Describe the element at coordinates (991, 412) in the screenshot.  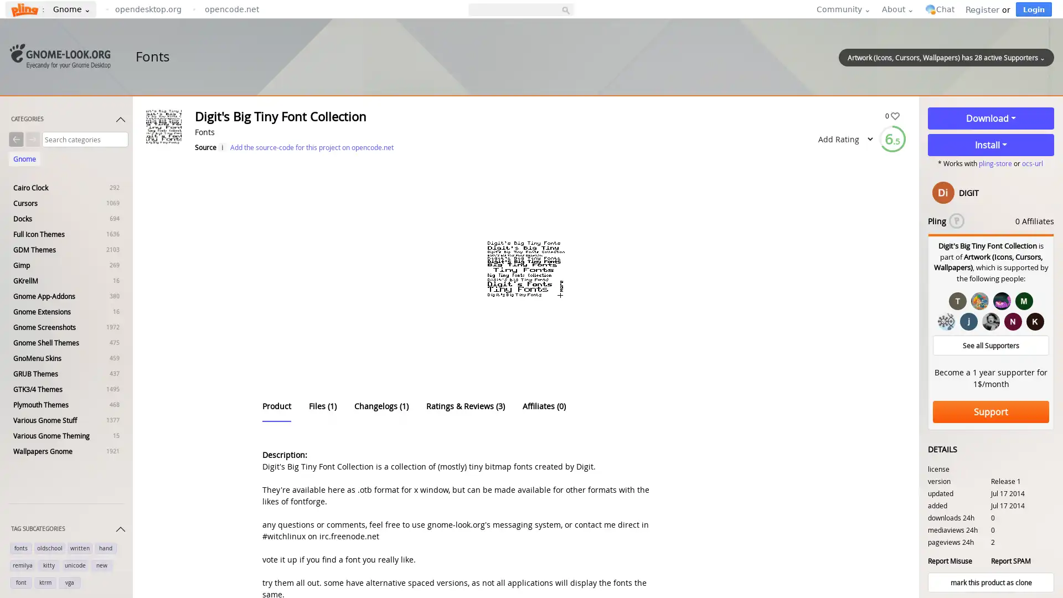
I see `Support` at that location.